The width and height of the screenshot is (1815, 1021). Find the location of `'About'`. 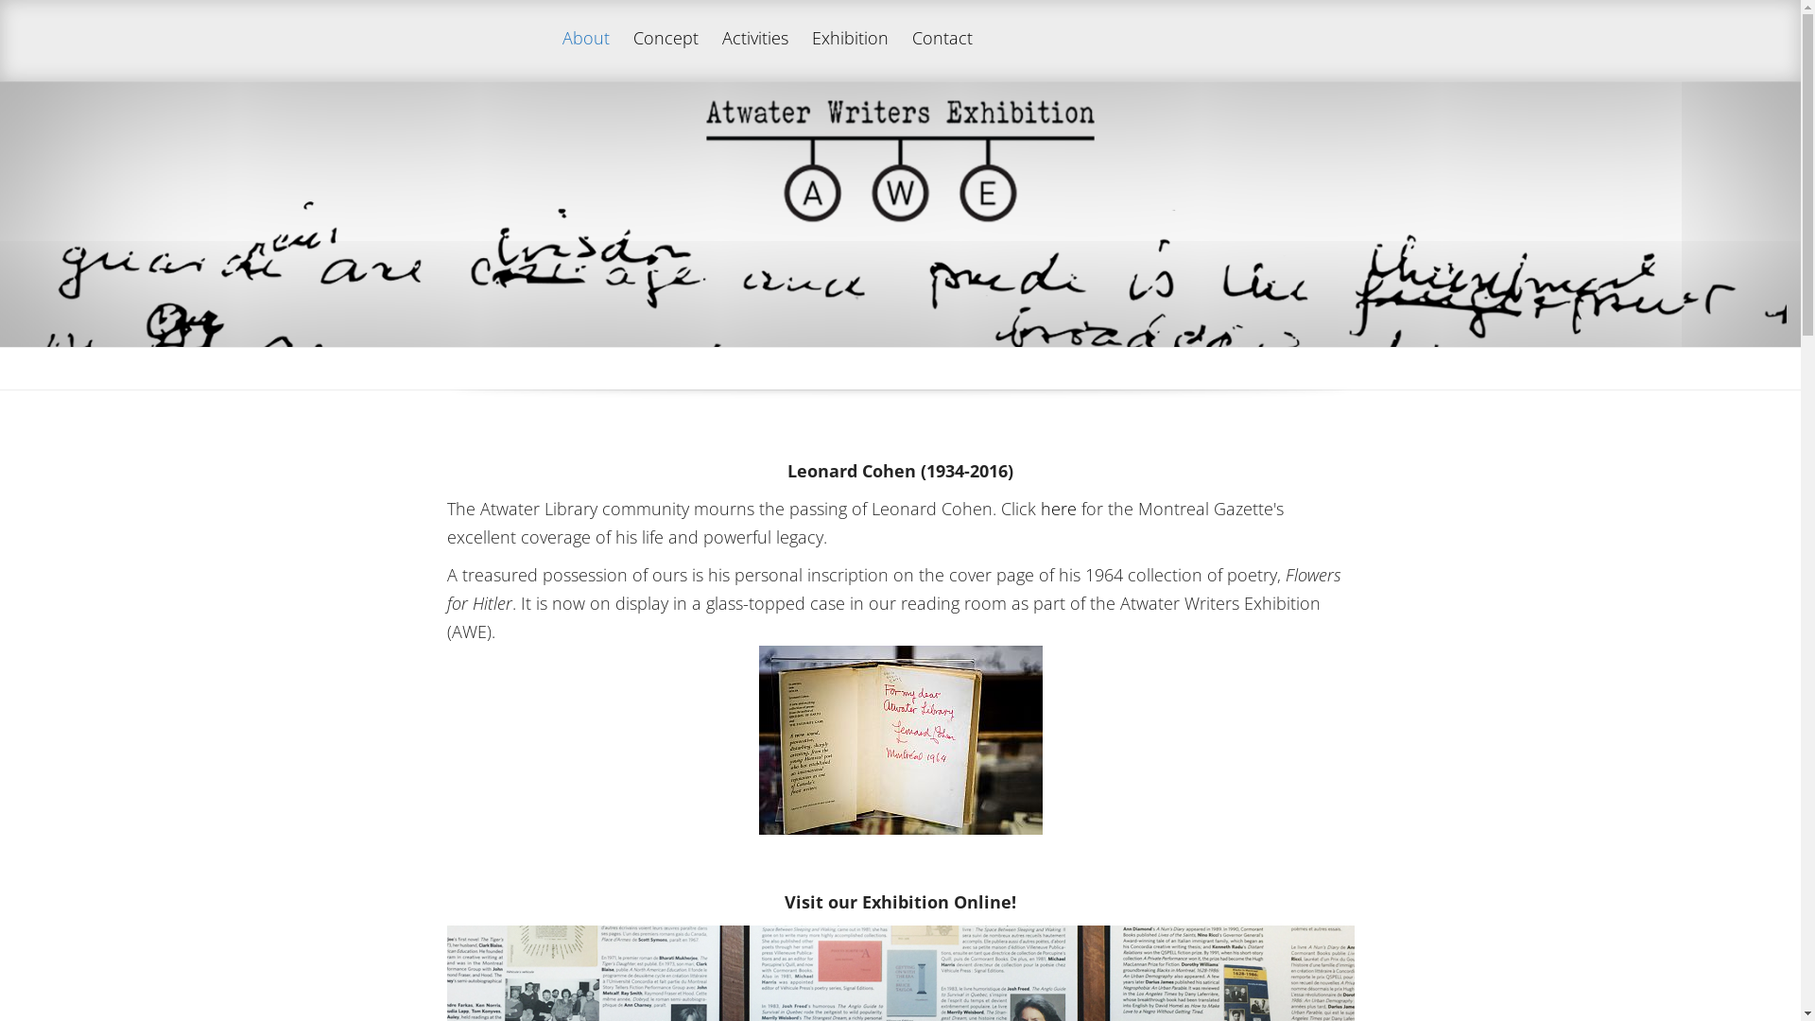

'About' is located at coordinates (584, 54).